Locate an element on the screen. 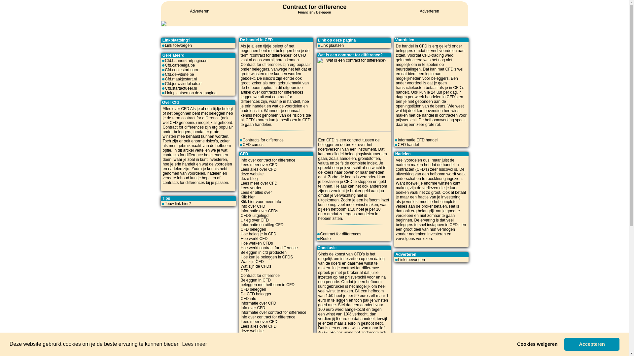 The image size is (634, 356). 'CFD handel' is located at coordinates (397, 144).